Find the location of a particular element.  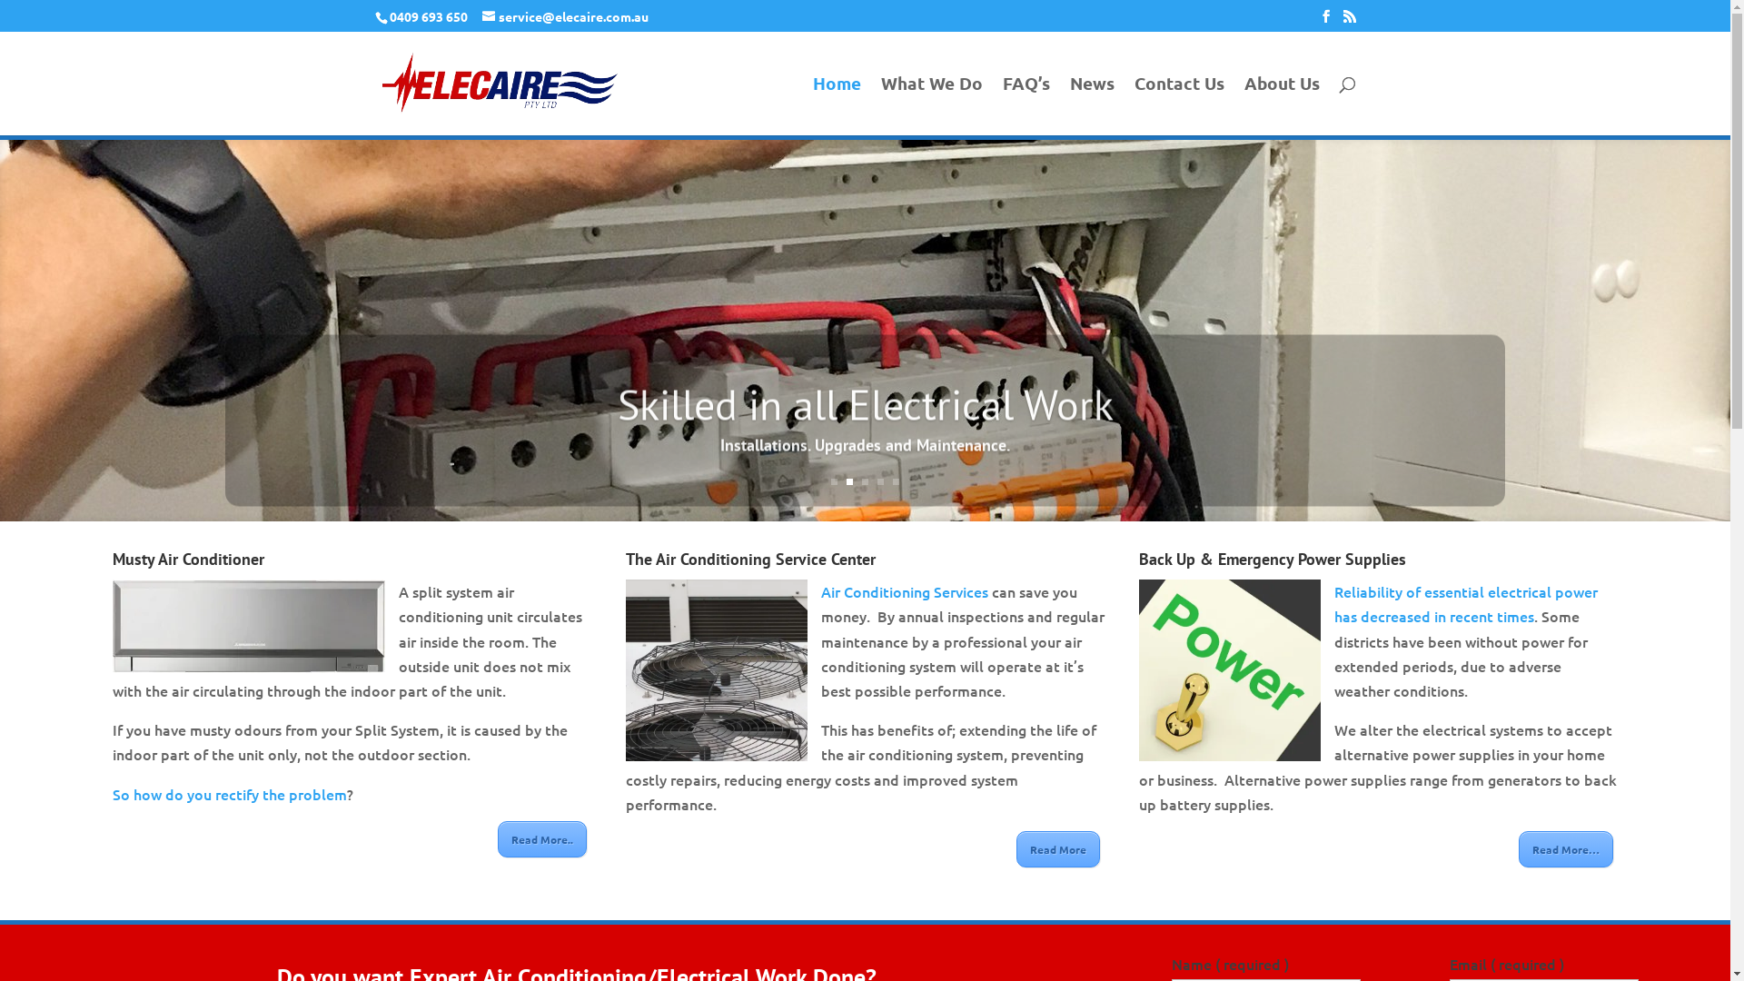

'Air Conditioning Services' is located at coordinates (905, 591).